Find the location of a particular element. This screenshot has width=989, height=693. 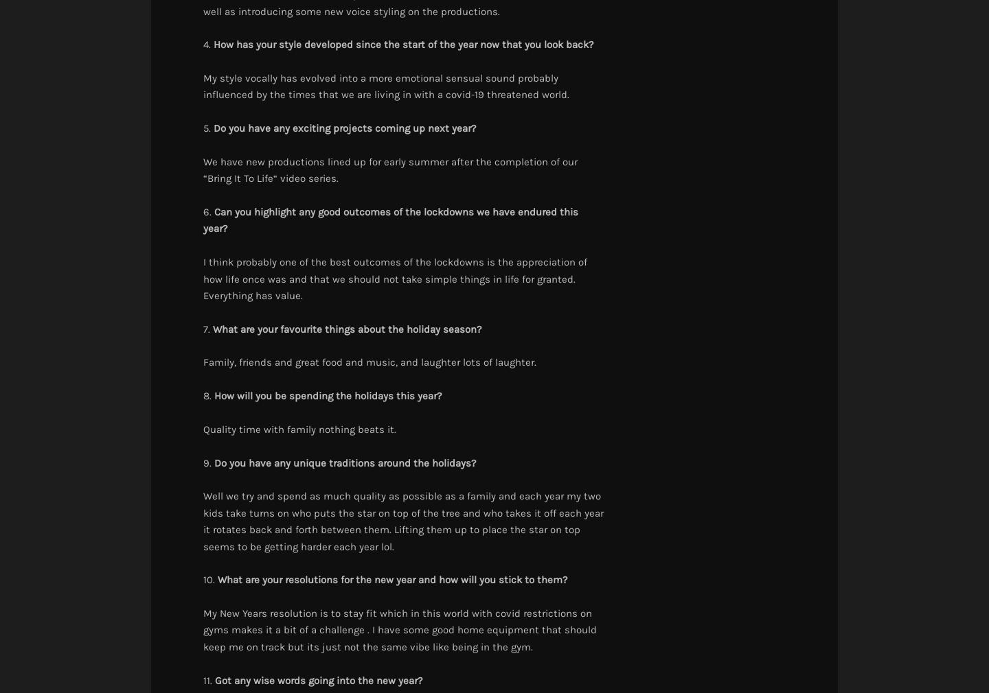

'What are your resolutions for the new year and how will you stick to them?' is located at coordinates (392, 579).